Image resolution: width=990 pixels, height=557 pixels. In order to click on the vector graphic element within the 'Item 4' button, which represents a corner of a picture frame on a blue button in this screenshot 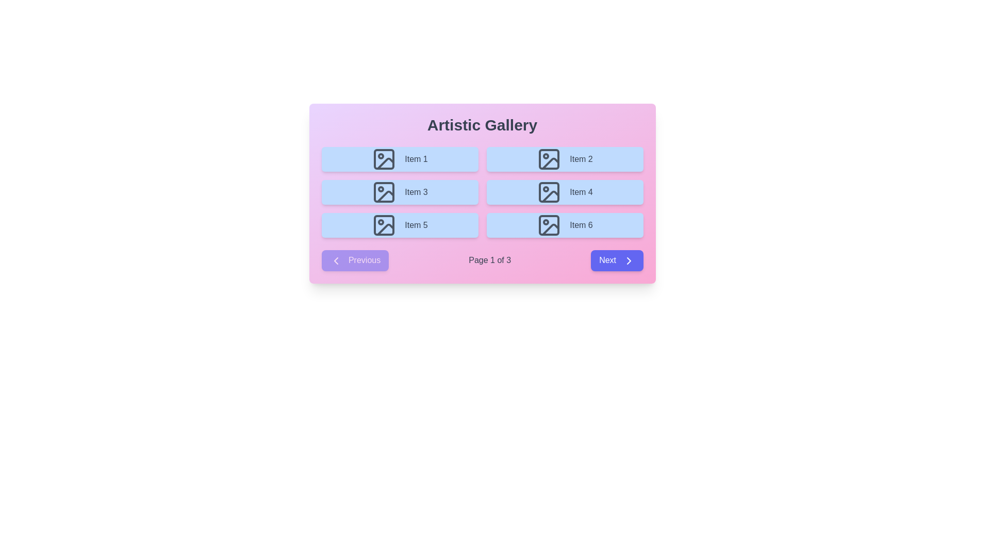, I will do `click(550, 196)`.